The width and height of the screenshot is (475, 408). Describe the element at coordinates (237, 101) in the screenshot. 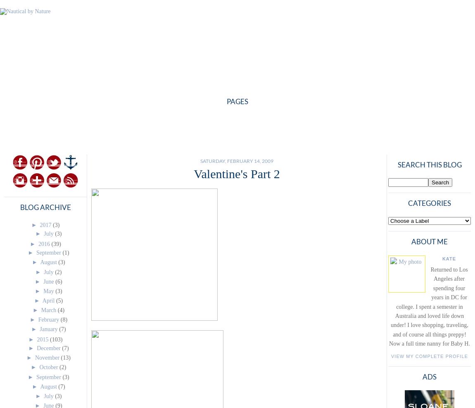

I see `'Pages'` at that location.